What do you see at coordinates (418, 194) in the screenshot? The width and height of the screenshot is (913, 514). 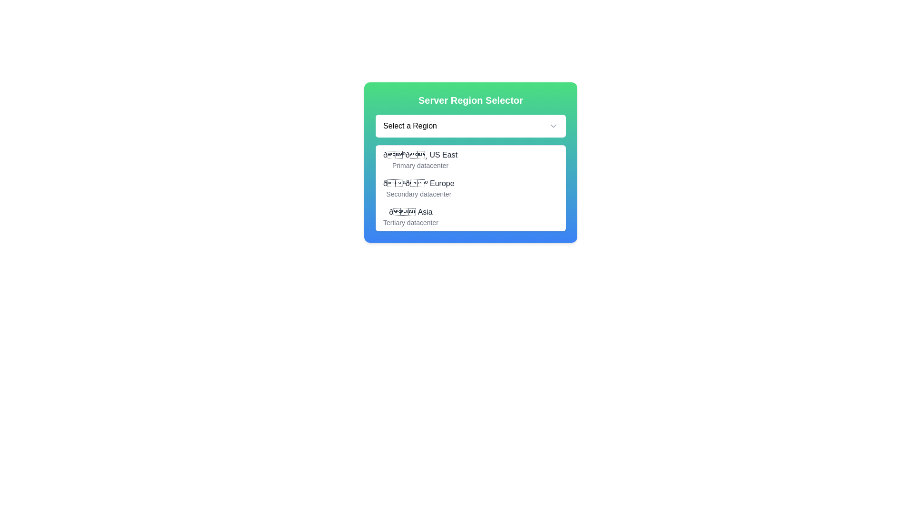 I see `the Text label providing additional information about the server region 'Europe,' located under the header 'Server Region Selector.'` at bounding box center [418, 194].